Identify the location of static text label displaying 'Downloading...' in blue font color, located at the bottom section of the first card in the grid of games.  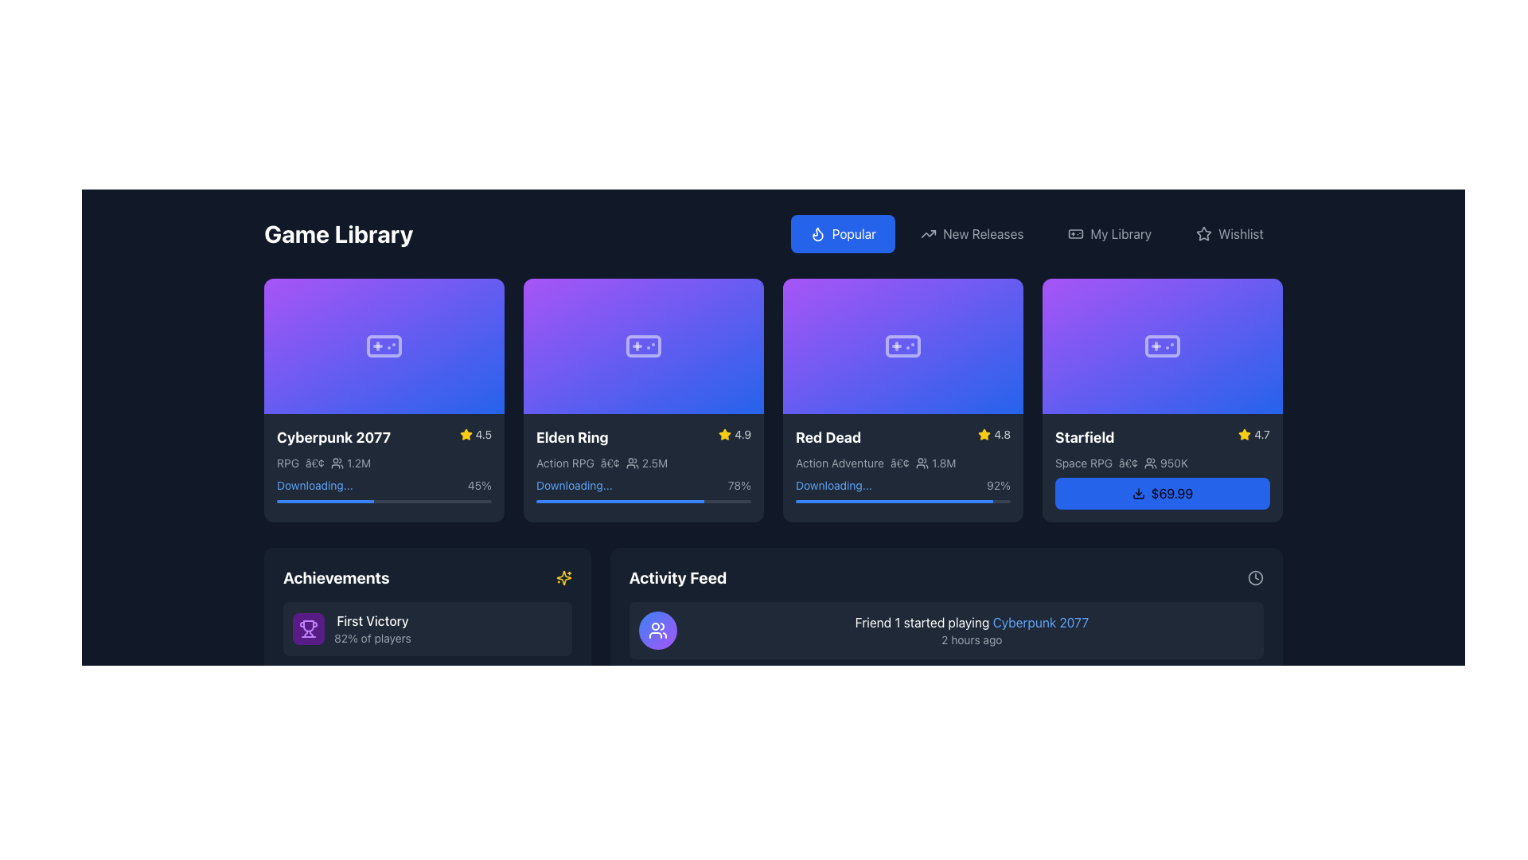
(314, 484).